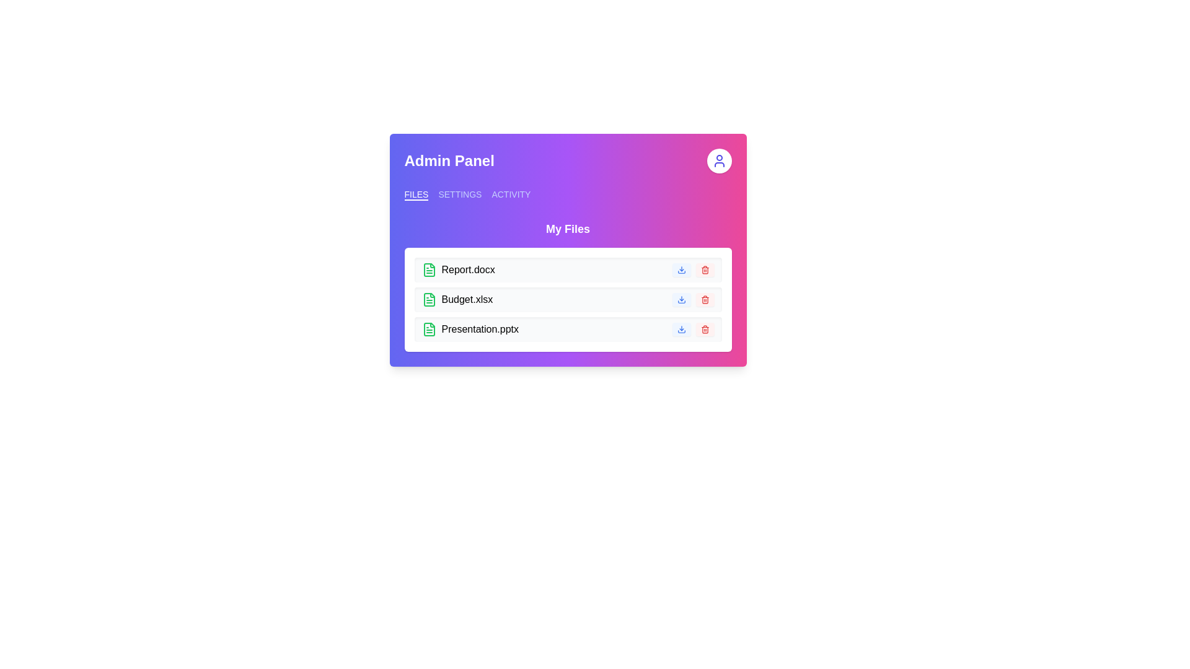 The width and height of the screenshot is (1190, 669). Describe the element at coordinates (705, 269) in the screenshot. I see `the delete button located on the far right of the second row in the 'My Files' list` at that location.